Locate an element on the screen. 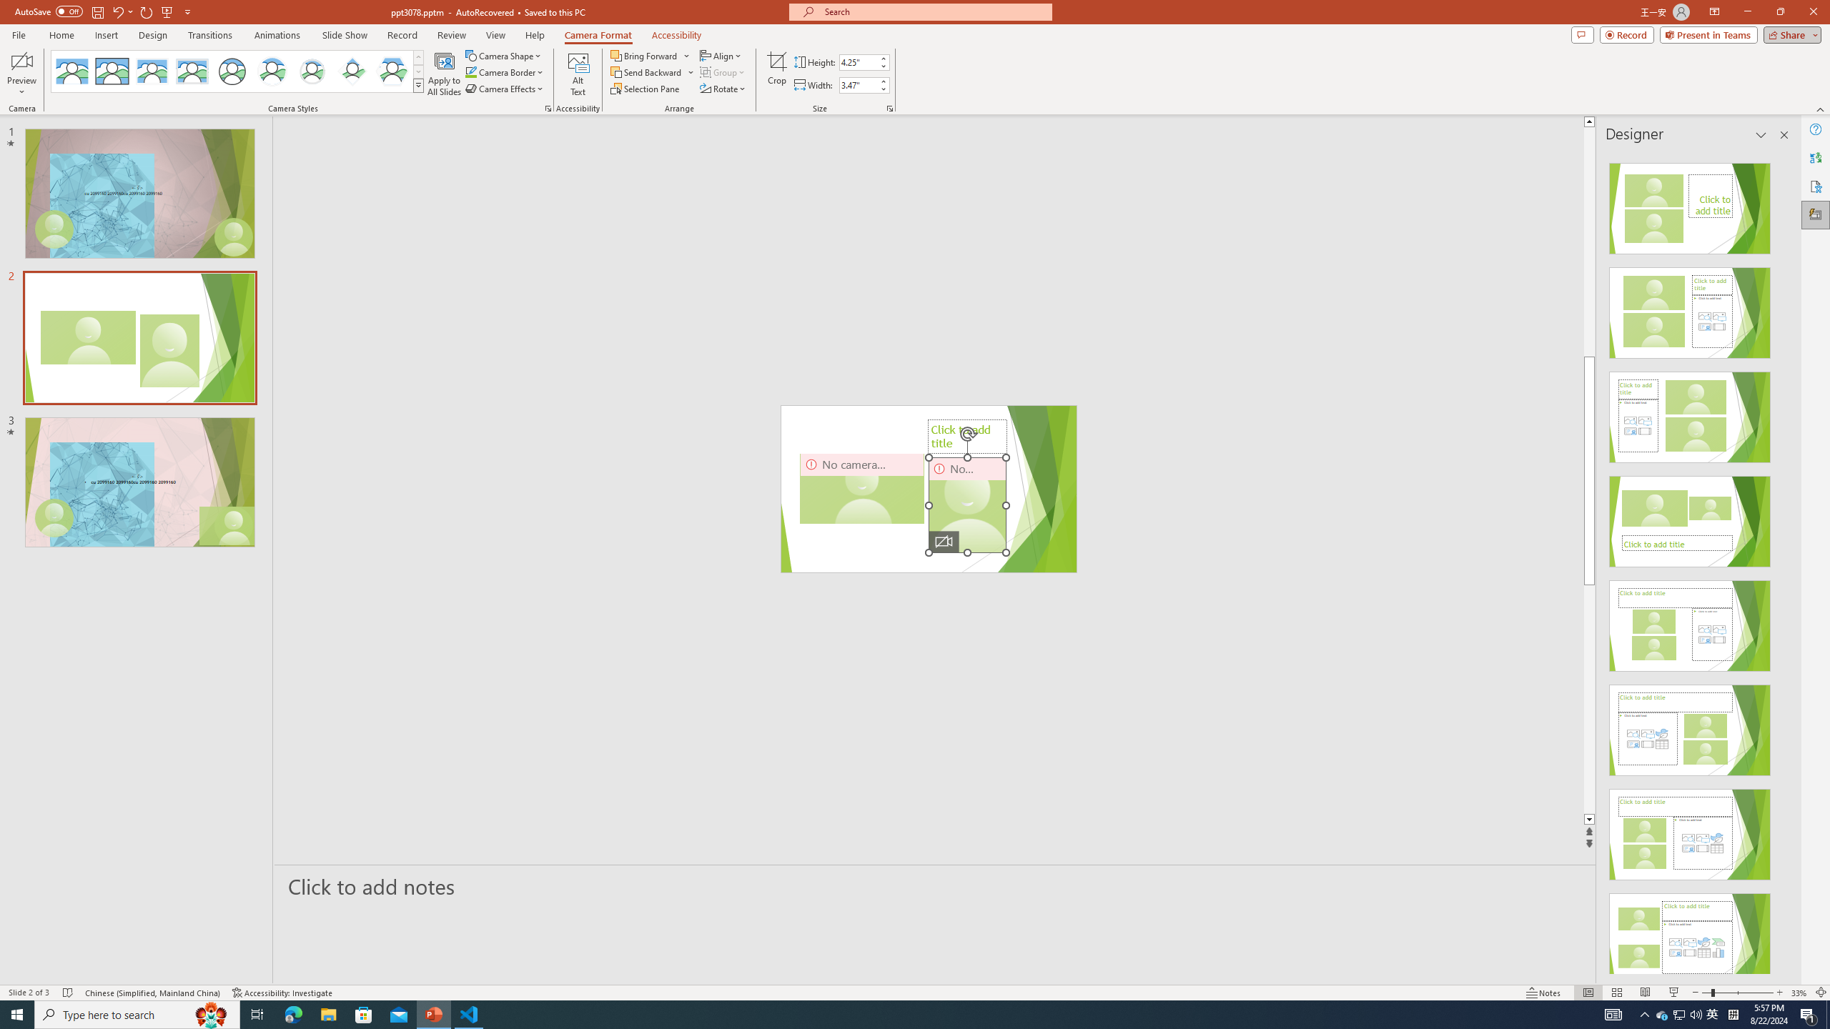 The height and width of the screenshot is (1029, 1830). 'Cameo Width' is located at coordinates (857, 84).